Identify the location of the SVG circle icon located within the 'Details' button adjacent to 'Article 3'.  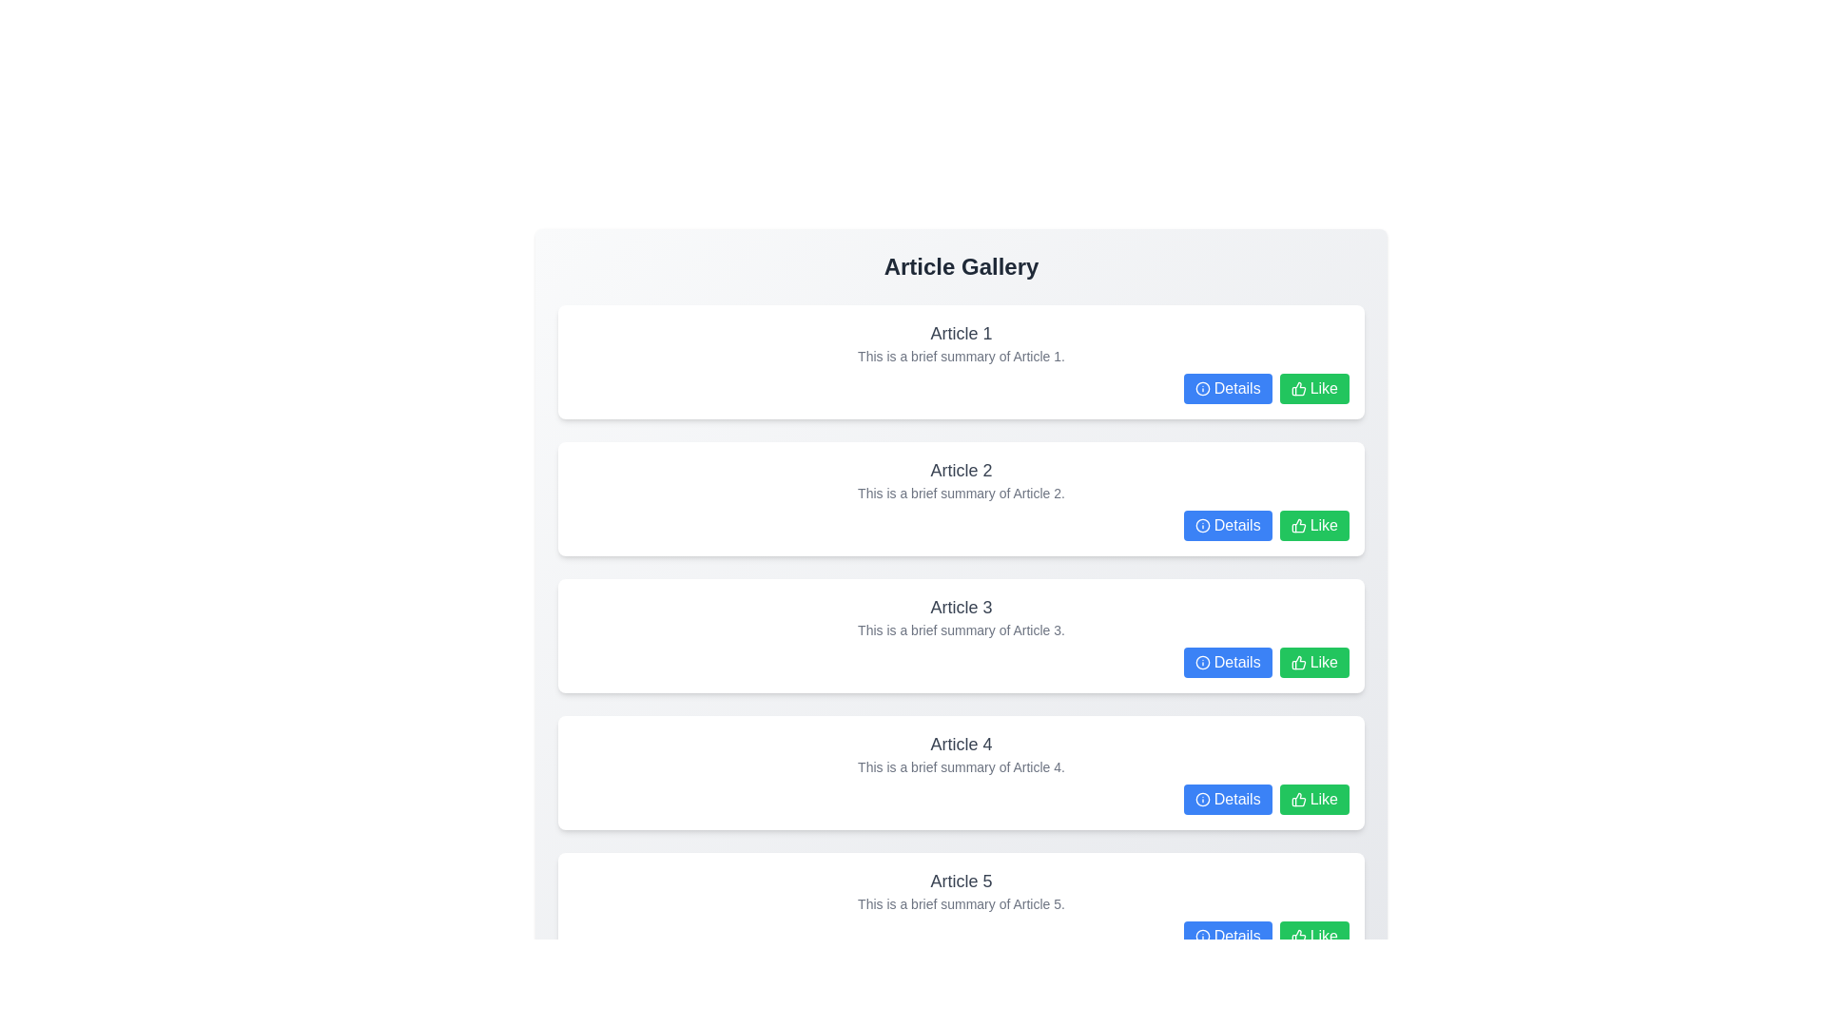
(1201, 662).